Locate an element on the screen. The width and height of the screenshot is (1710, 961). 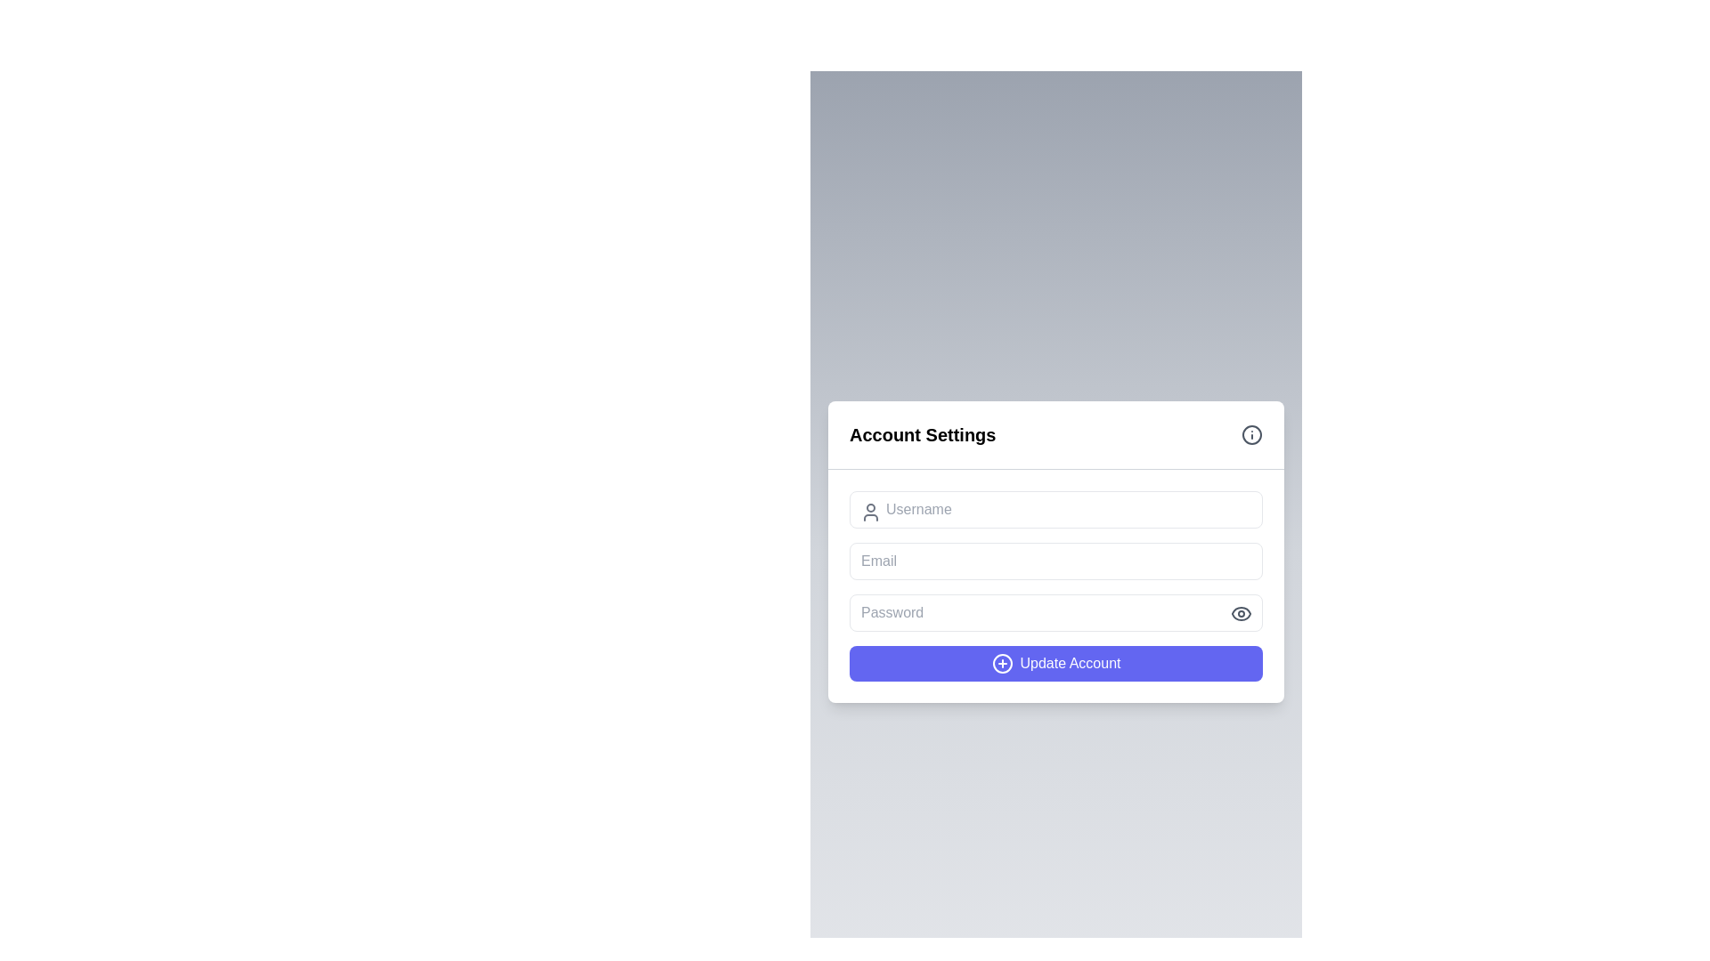
the circular SVG element located at the center of the icon in the top-right corner of the account settings dialog is located at coordinates (1251, 434).